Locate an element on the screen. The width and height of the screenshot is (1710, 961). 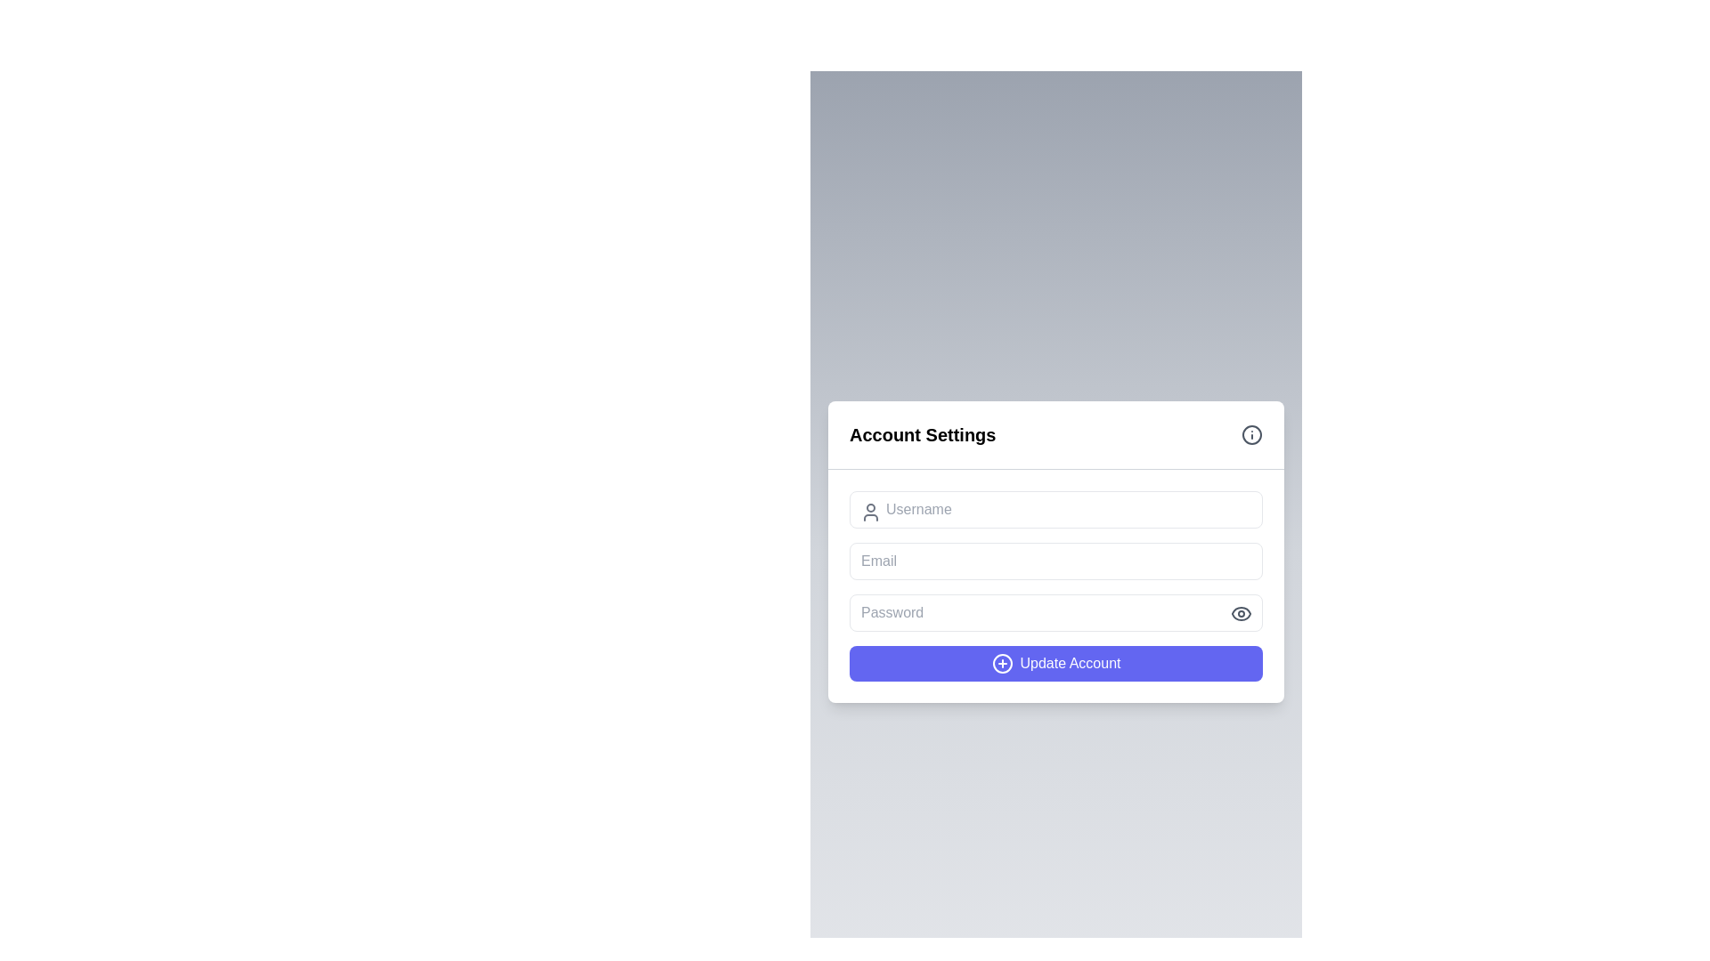
the circular SVG element located at the center of the icon in the top-right corner of the account settings dialog is located at coordinates (1251, 434).